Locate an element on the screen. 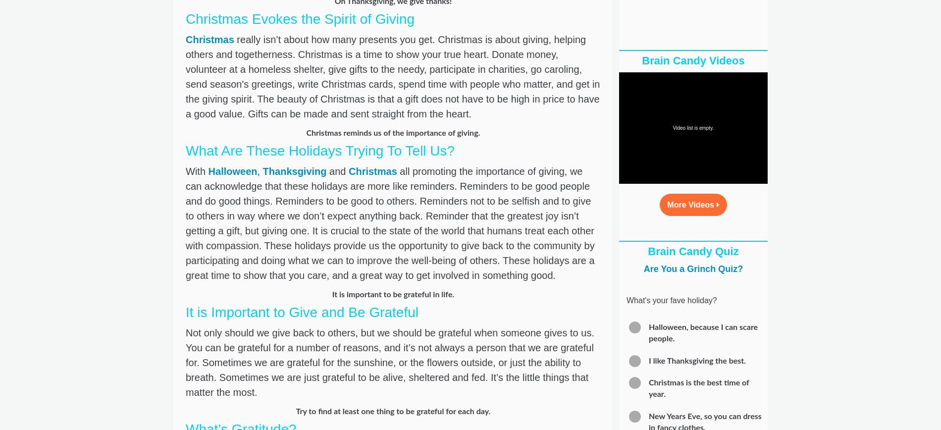 The height and width of the screenshot is (430, 941). 'More Videos' is located at coordinates (691, 205).